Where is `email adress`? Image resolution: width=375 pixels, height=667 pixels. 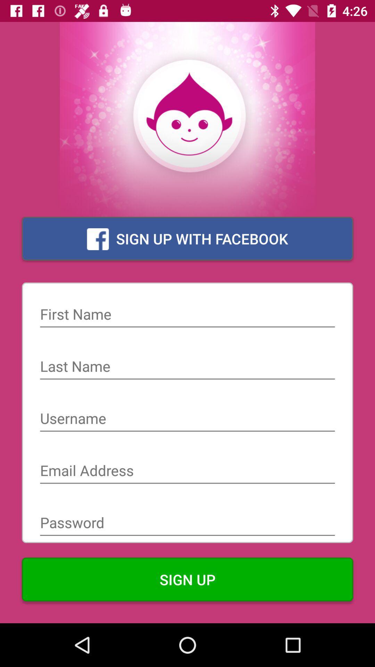
email adress is located at coordinates (187, 471).